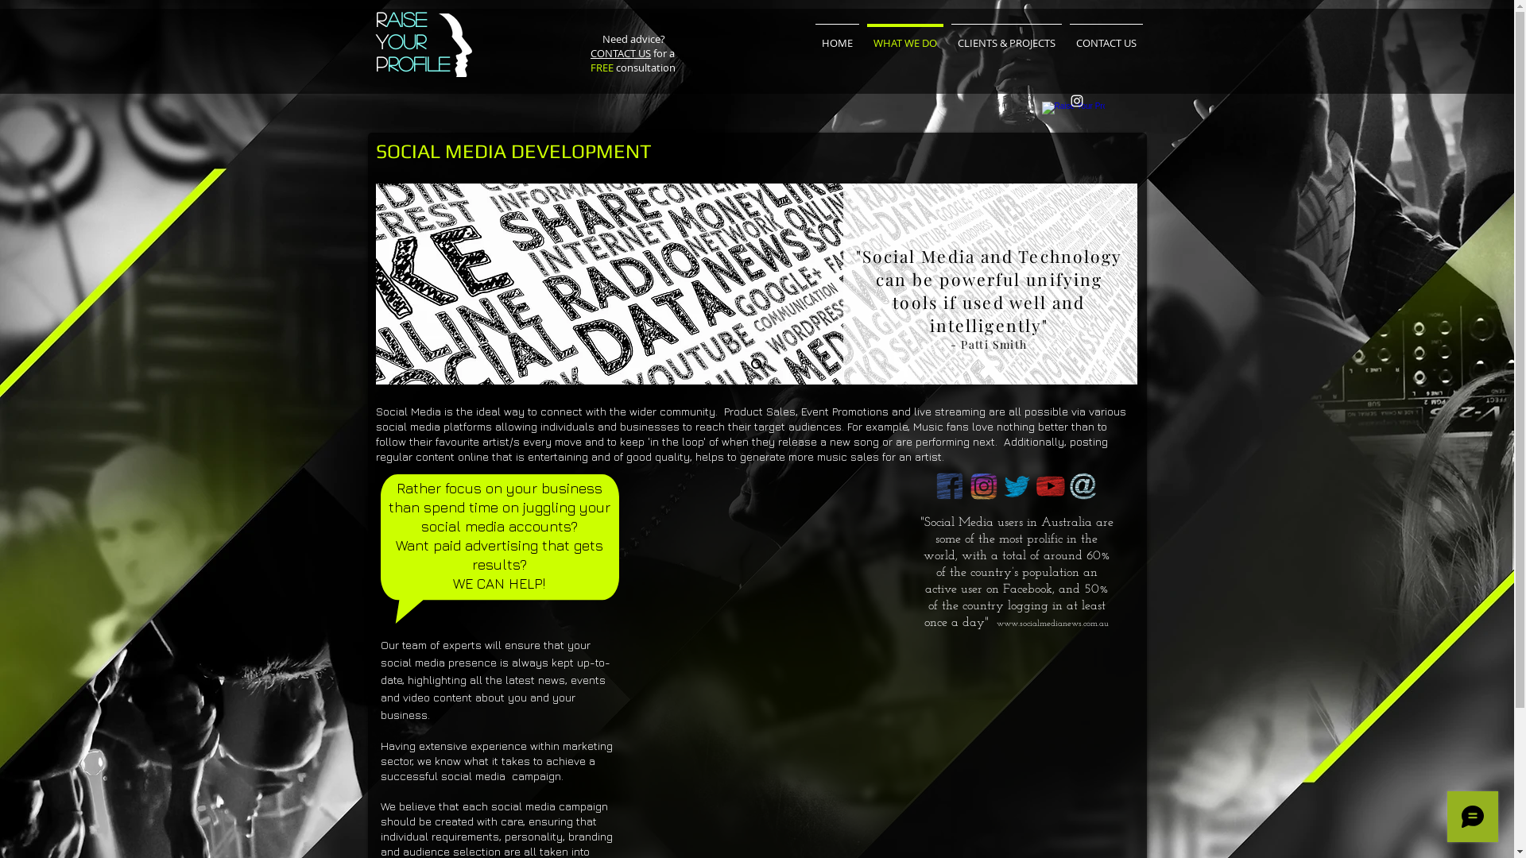  I want to click on 'www.socialmedianews.com.au', so click(995, 623).